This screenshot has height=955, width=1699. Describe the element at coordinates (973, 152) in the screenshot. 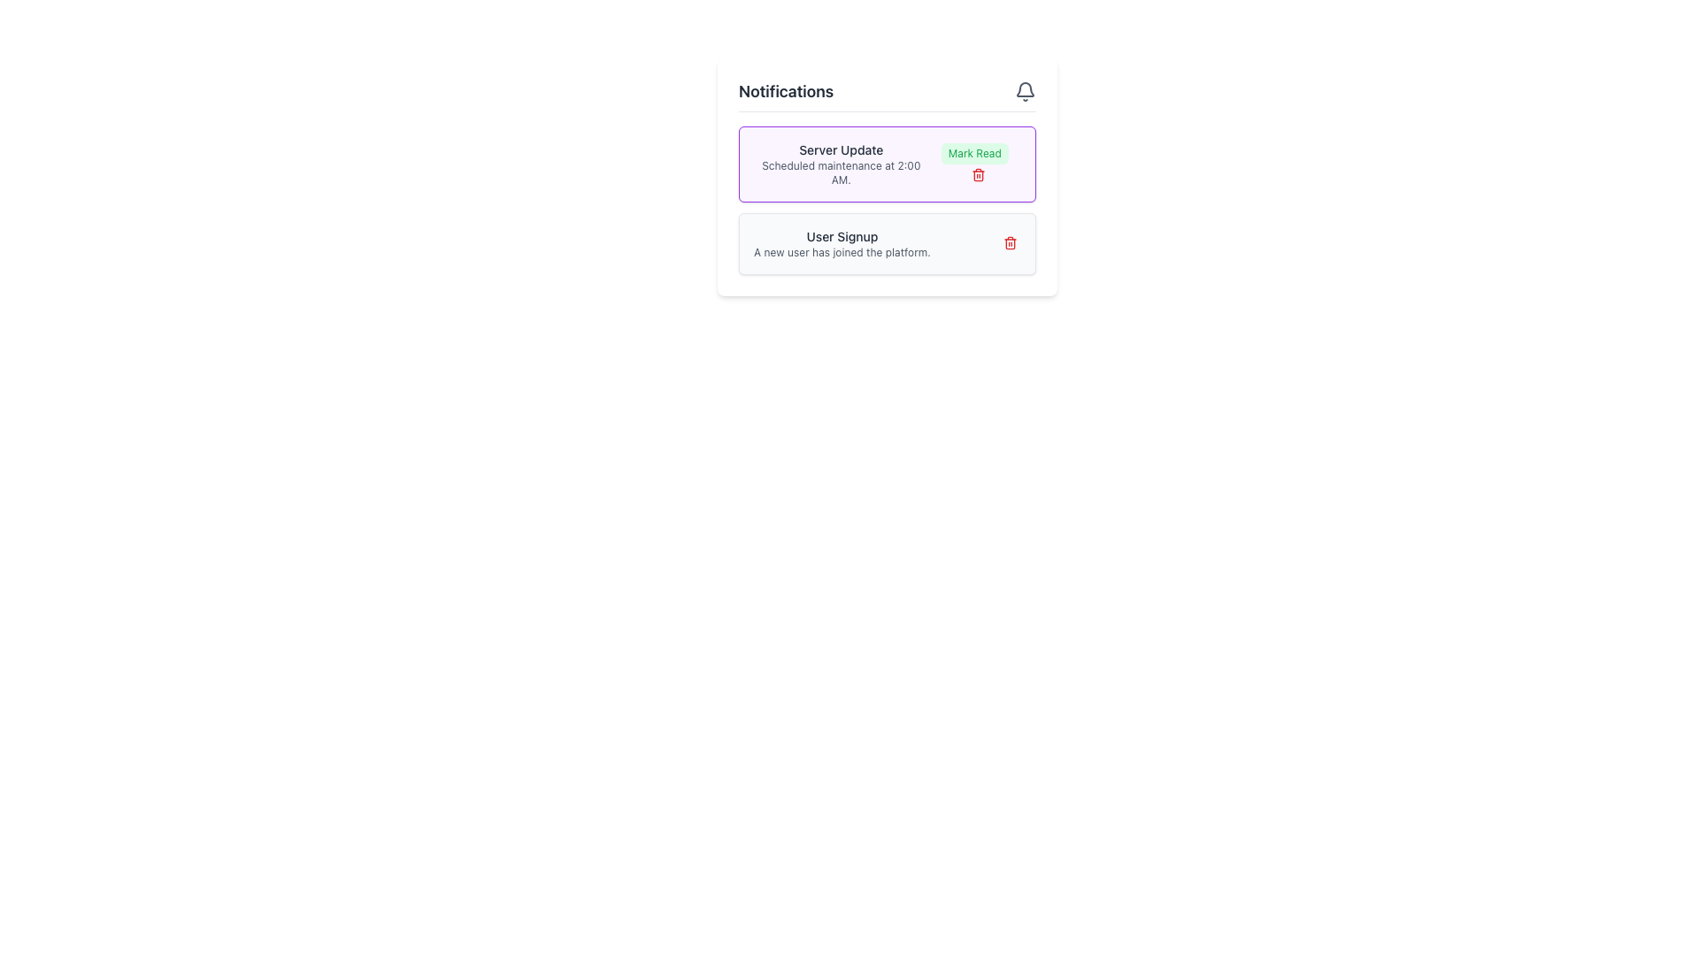

I see `the 'Mark Read' button with green text on a light green background located in the 'Server Update' notification card` at that location.